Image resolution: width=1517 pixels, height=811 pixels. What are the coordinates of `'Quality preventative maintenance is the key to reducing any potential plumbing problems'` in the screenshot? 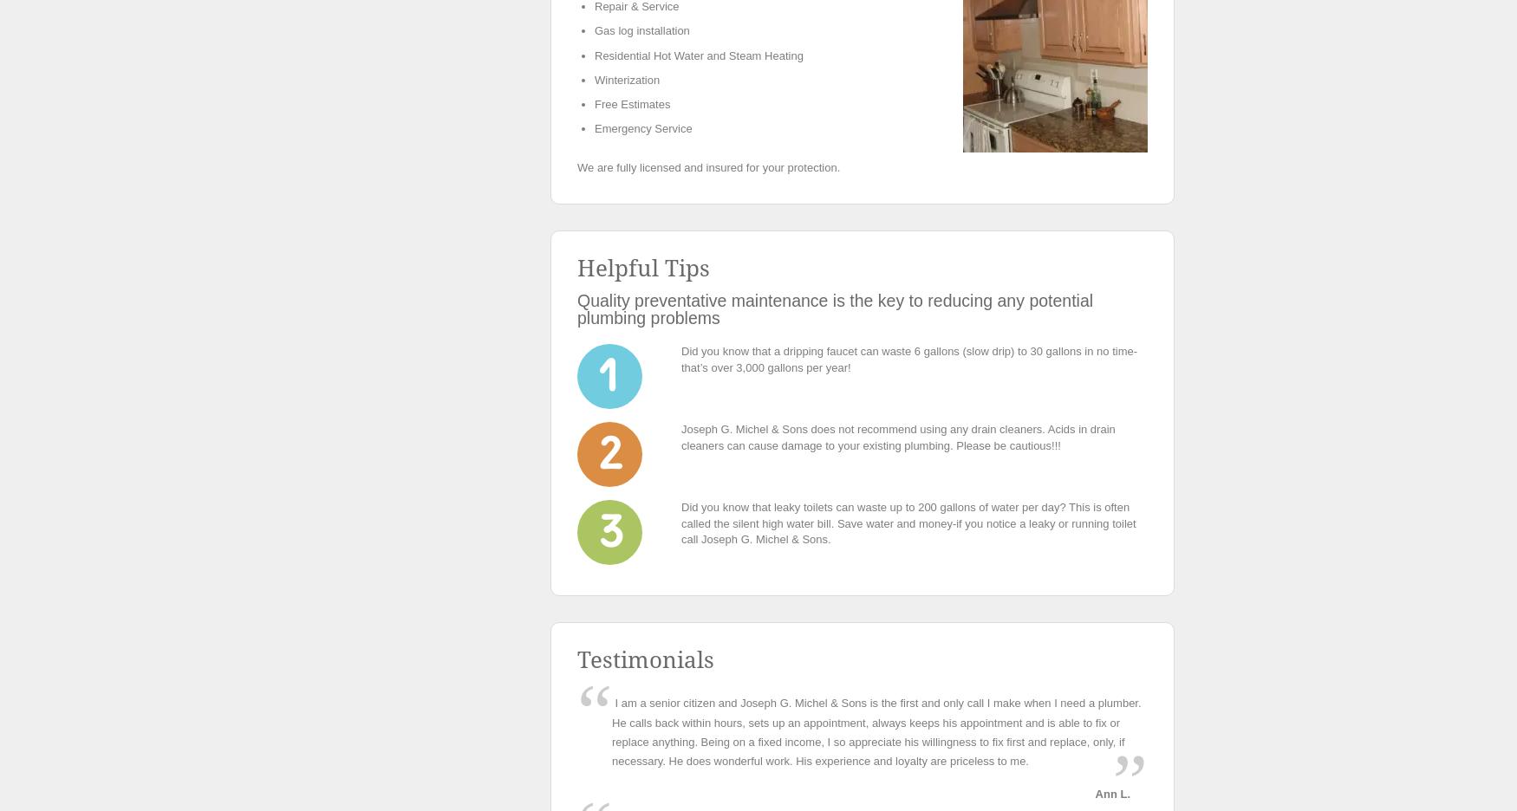 It's located at (576, 308).